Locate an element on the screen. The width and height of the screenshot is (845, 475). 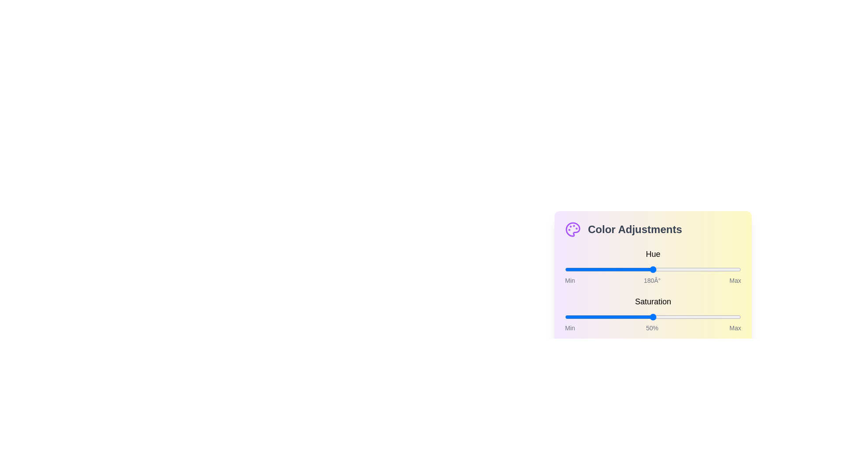
the hue slider to 308 degrees is located at coordinates (716, 269).